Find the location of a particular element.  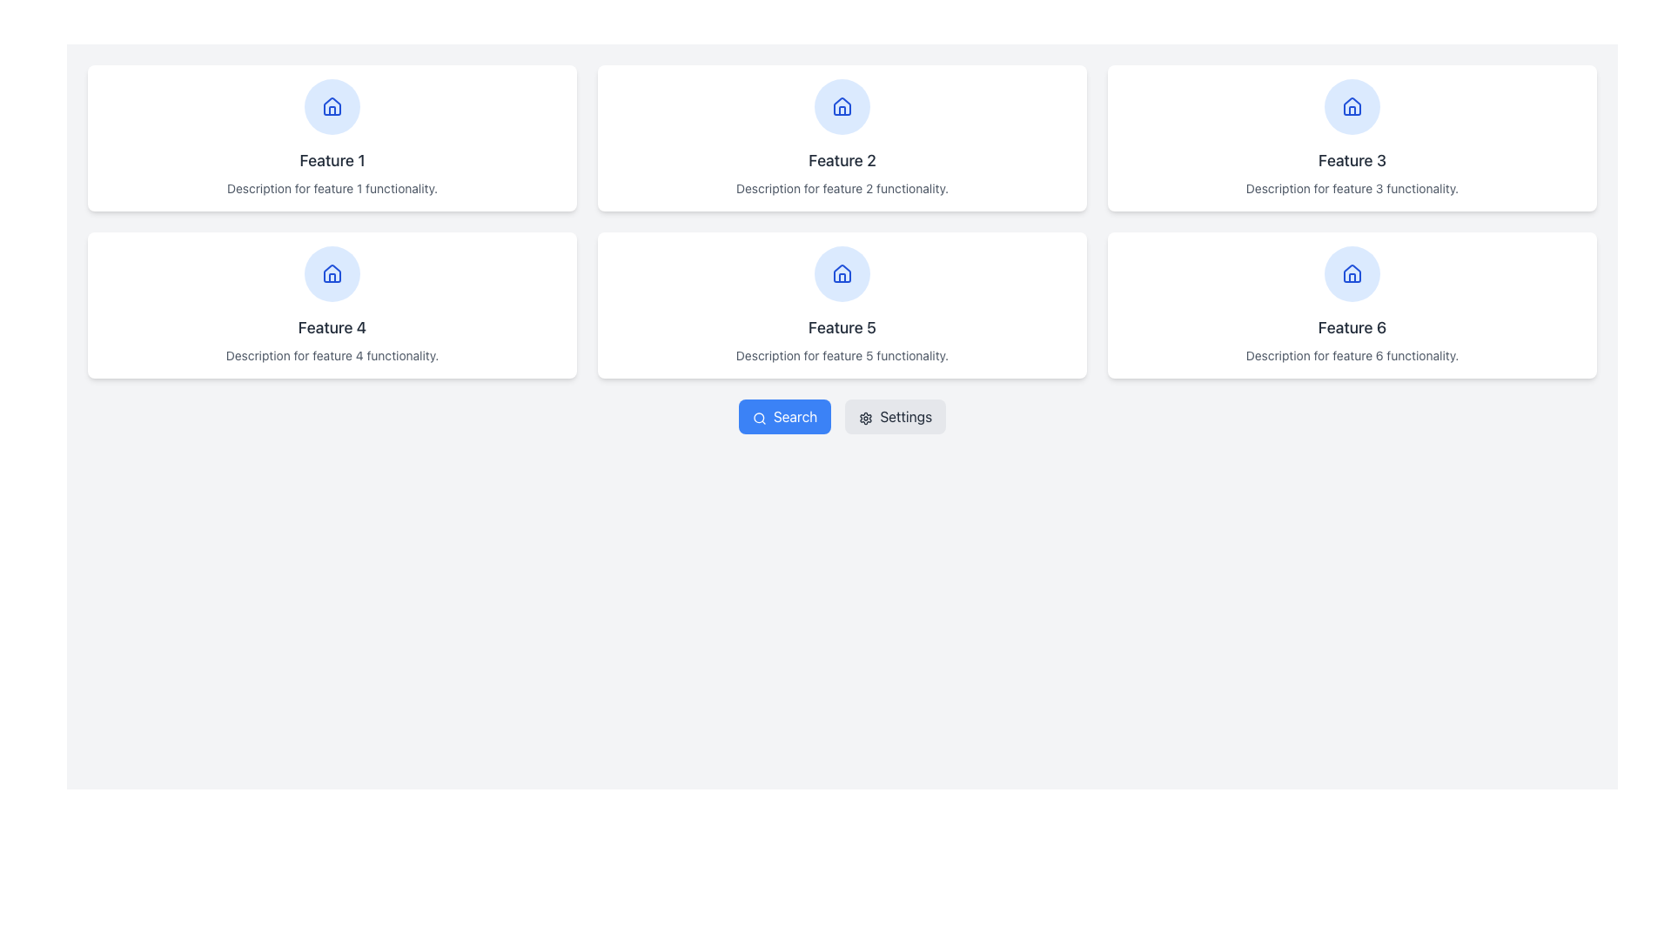

the house icon with a blue stroke that is part of the 'Feature 3' card in the upper-right grid layout is located at coordinates (1352, 107).